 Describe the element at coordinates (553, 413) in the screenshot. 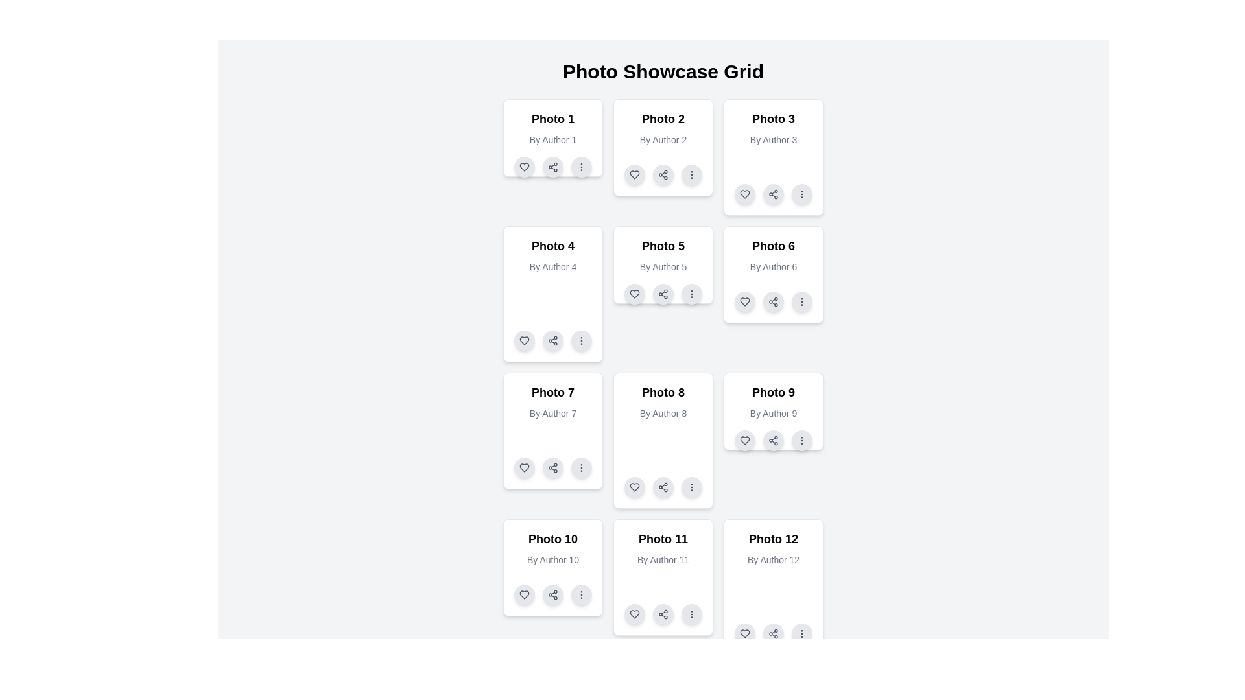

I see `the Text Label indicating the author of the content in the card labeled 'Photo 7', which is positioned below the heading and above interactive icons` at that location.